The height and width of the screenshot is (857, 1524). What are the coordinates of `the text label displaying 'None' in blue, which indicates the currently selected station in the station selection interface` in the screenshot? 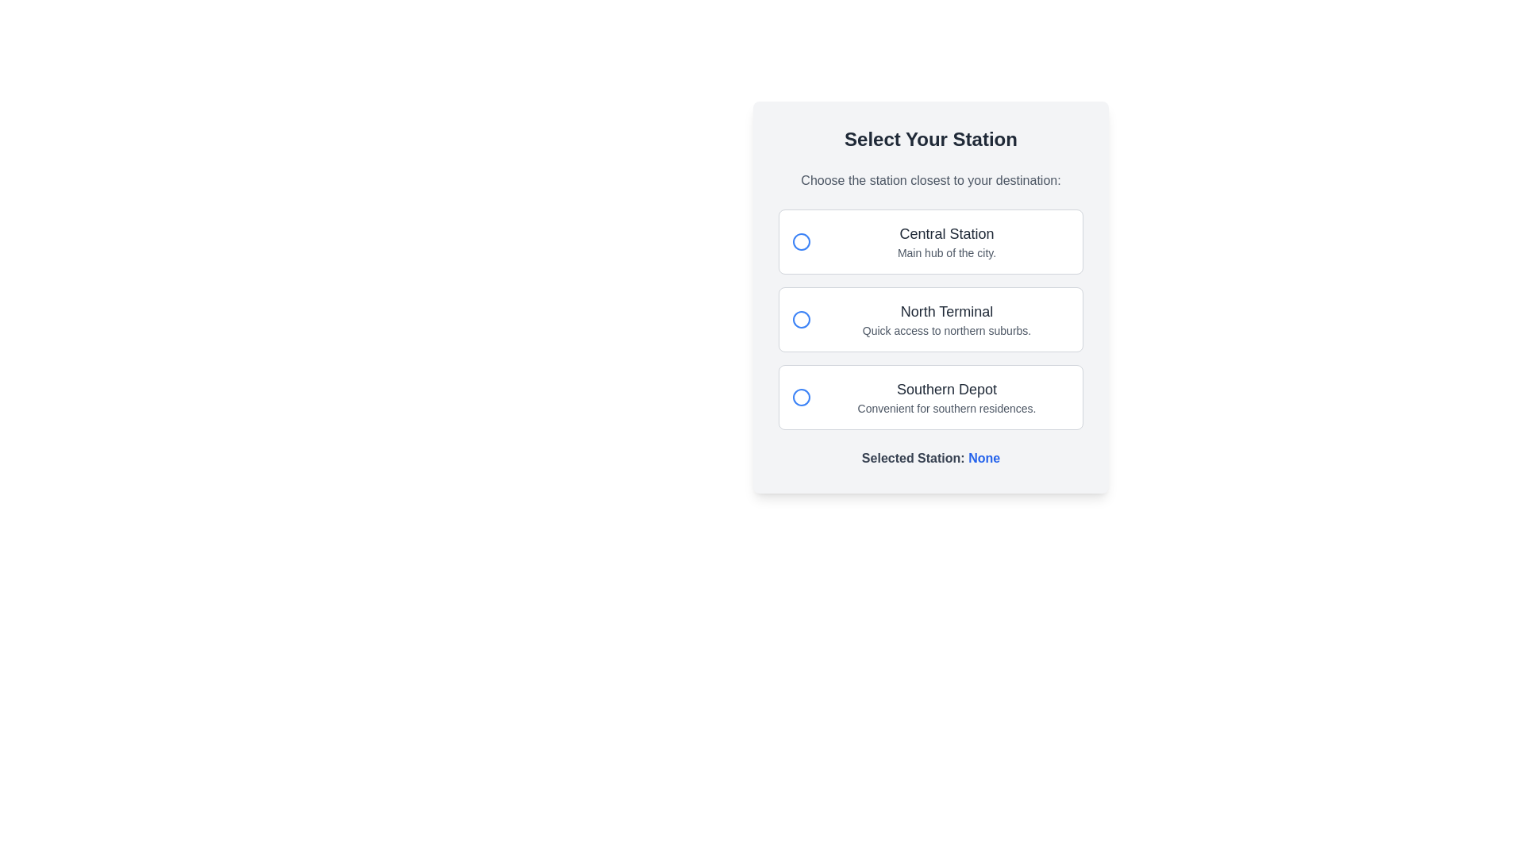 It's located at (983, 458).